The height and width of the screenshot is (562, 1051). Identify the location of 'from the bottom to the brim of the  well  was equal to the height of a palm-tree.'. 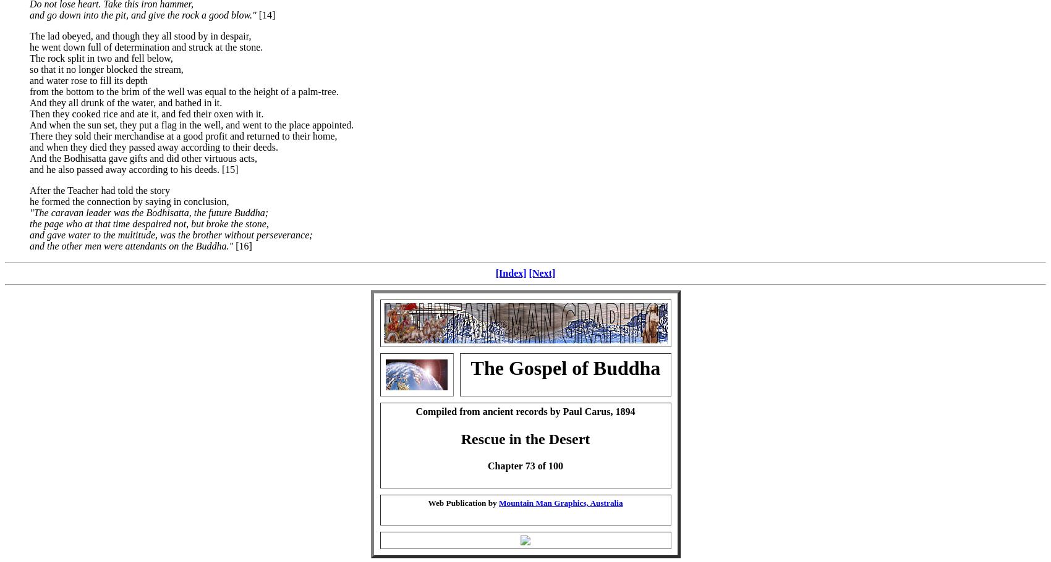
(184, 90).